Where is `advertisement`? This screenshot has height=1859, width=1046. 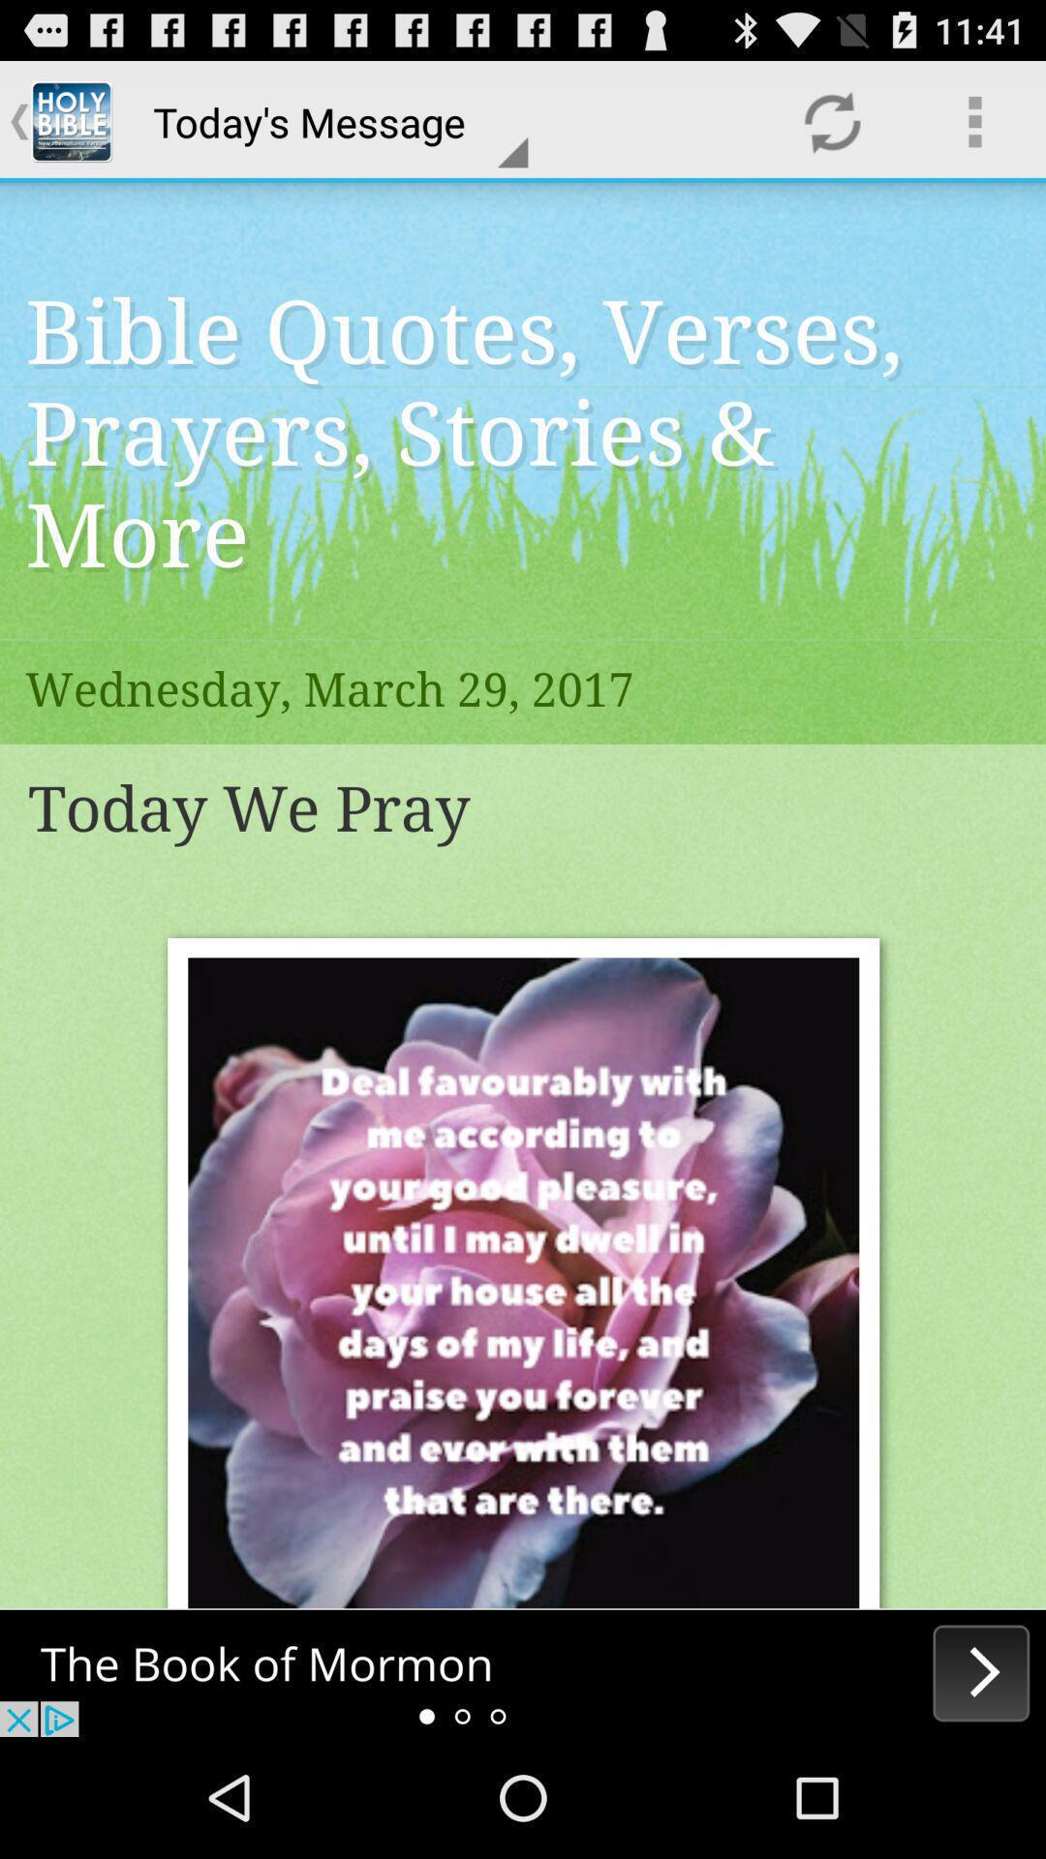 advertisement is located at coordinates (523, 1672).